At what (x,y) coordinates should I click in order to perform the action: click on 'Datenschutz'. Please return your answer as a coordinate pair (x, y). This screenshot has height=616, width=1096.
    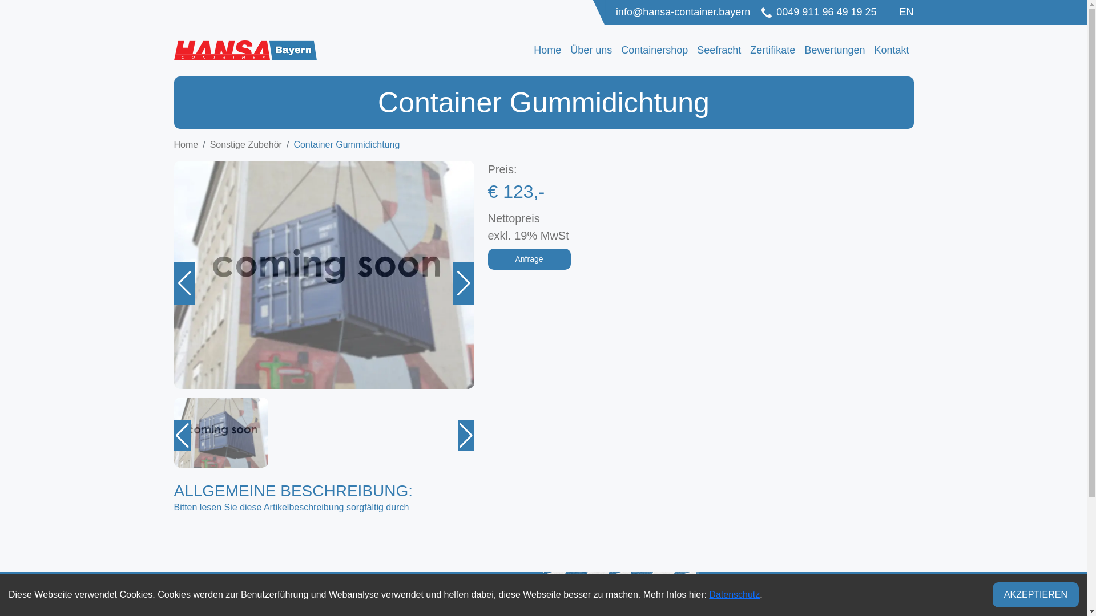
    Looking at the image, I should click on (708, 594).